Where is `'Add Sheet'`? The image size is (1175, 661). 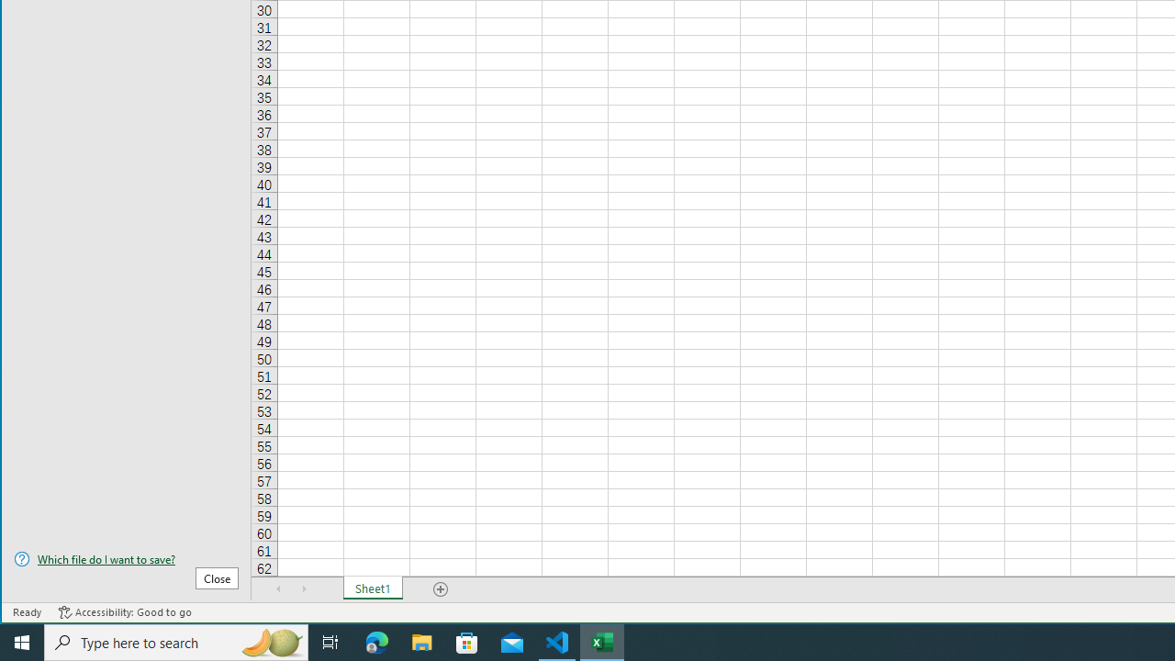 'Add Sheet' is located at coordinates (442, 588).